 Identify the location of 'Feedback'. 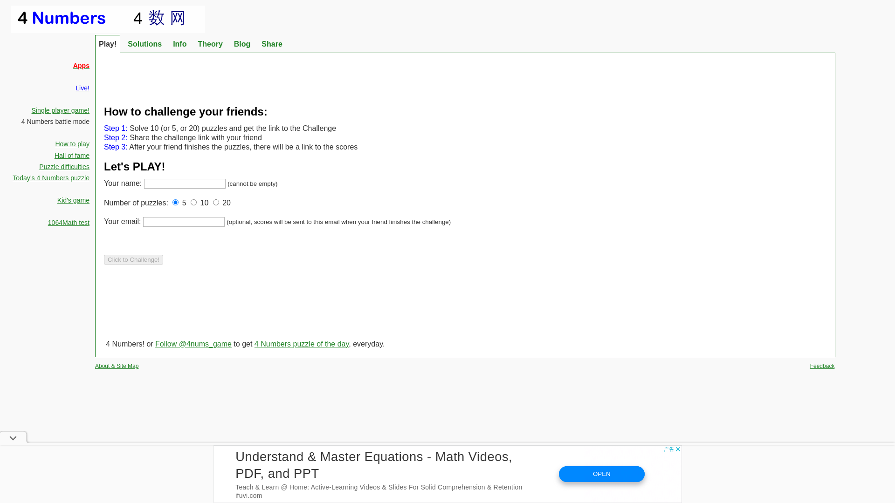
(822, 366).